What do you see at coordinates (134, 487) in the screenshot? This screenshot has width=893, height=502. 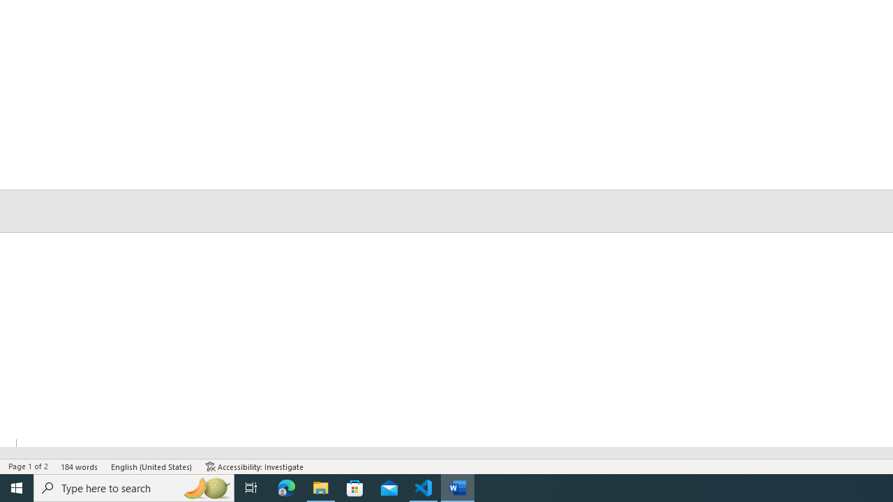 I see `'Type here to search'` at bounding box center [134, 487].